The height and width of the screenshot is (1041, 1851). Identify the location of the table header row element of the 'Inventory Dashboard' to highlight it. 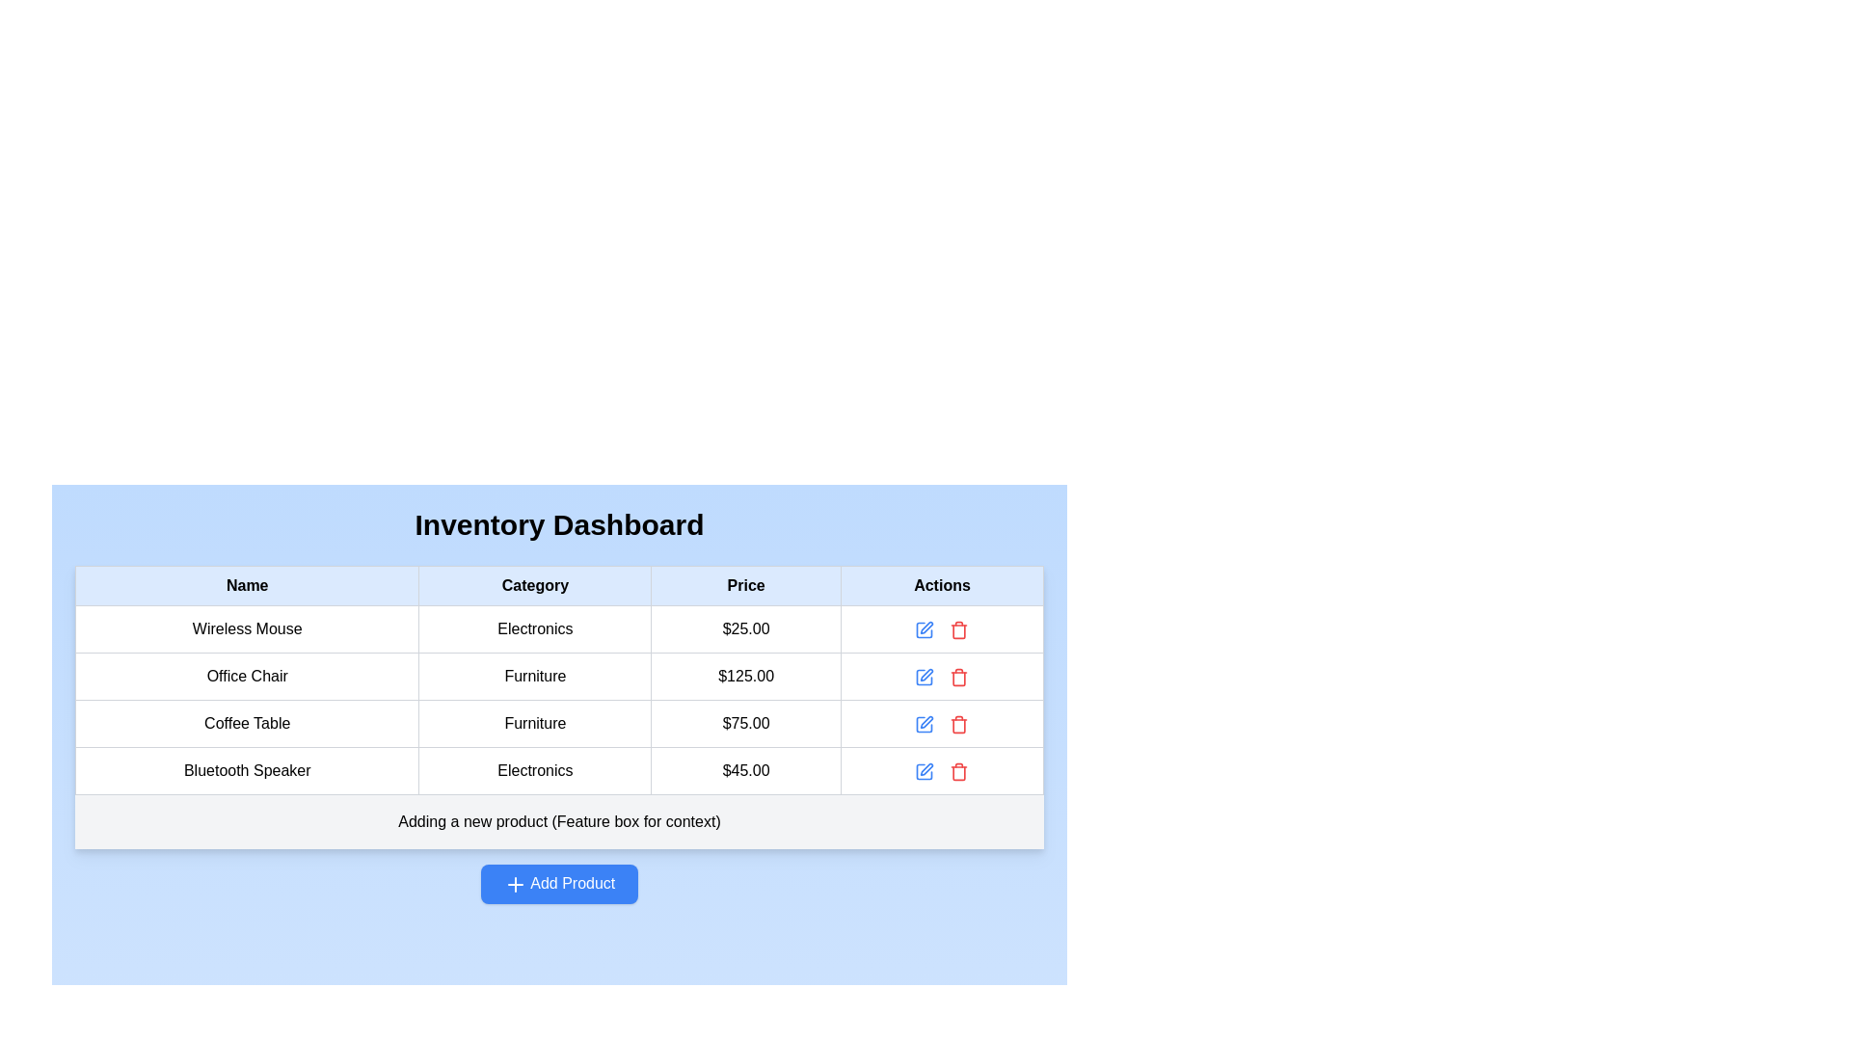
(558, 585).